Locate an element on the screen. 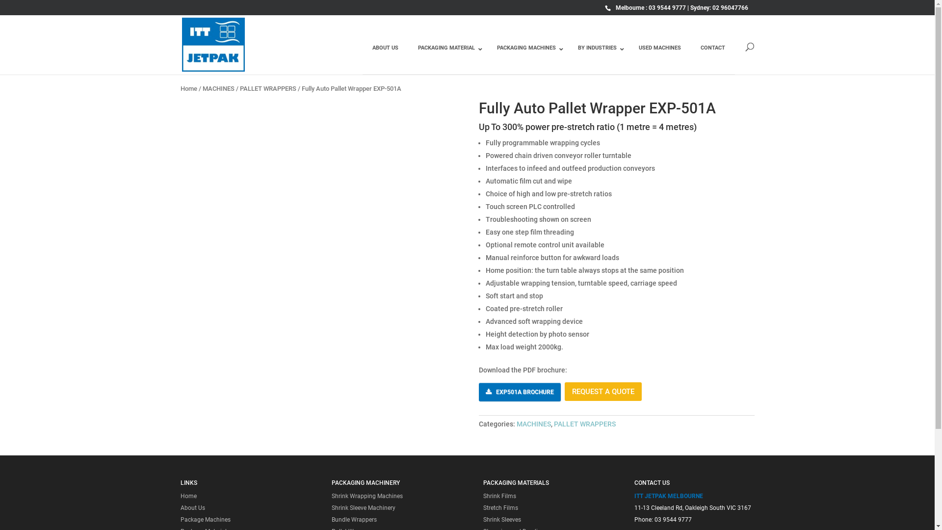 The height and width of the screenshot is (530, 942). 'PACKAGING MACHINES' is located at coordinates (526, 55).